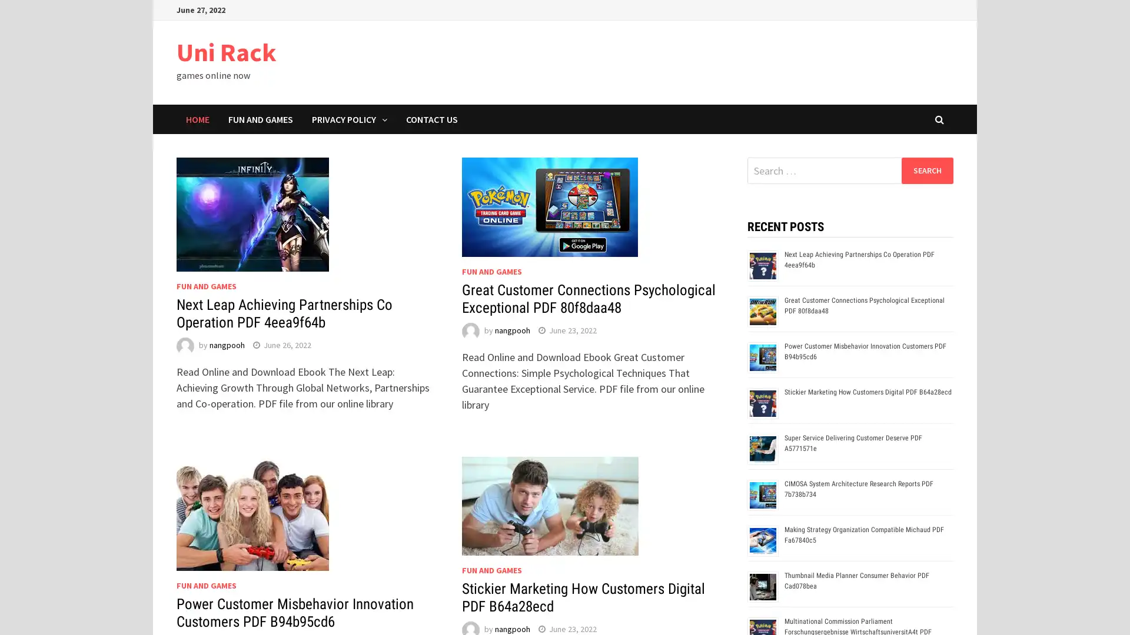 Image resolution: width=1130 pixels, height=635 pixels. I want to click on Search, so click(926, 170).